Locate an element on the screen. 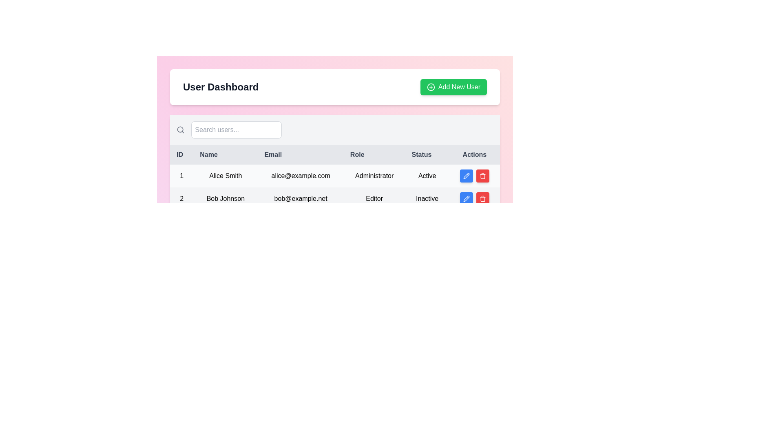  the circular region of the magnifying glass icon, which is a filled circle with a radius of 8 units located at the center of the SVG element is located at coordinates (180, 129).